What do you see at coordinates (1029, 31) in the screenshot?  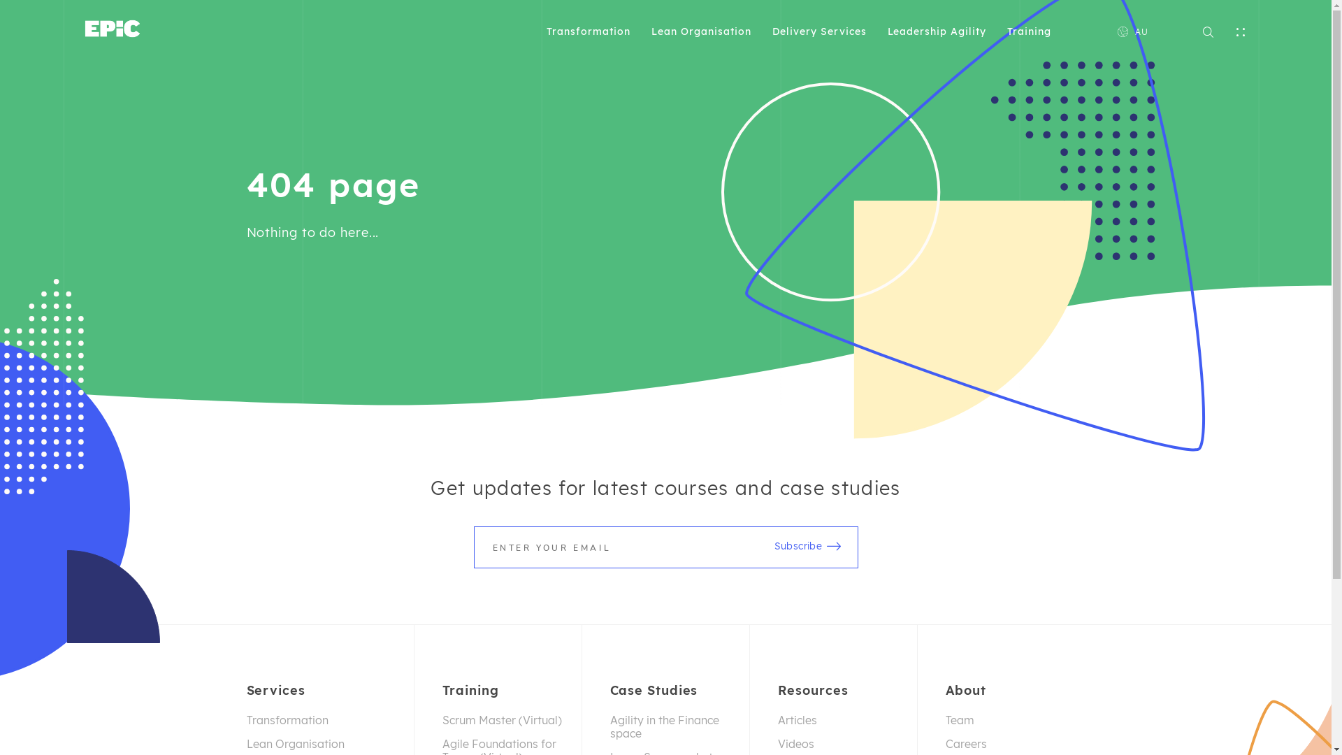 I see `'Training'` at bounding box center [1029, 31].